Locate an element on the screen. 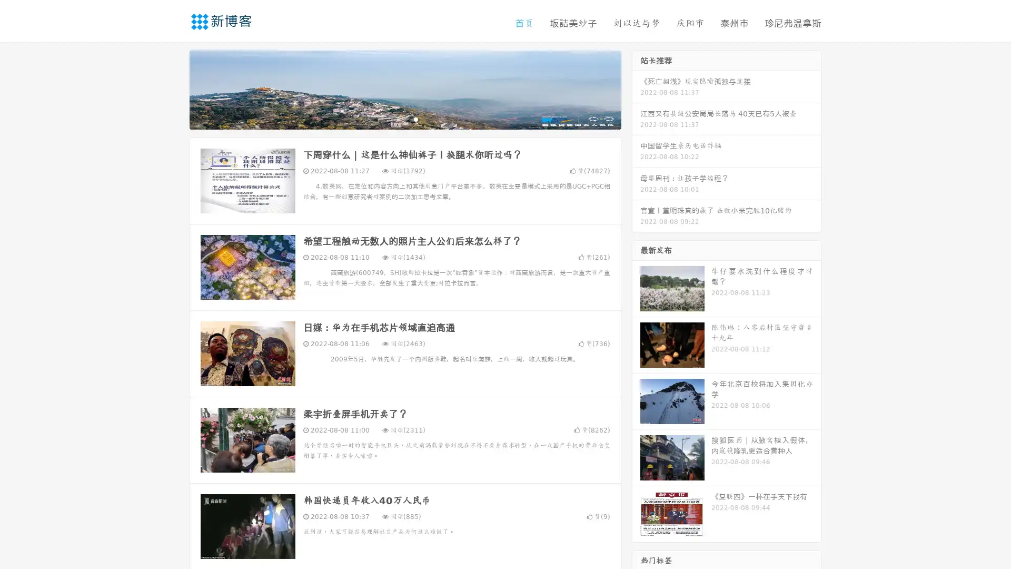 Image resolution: width=1011 pixels, height=569 pixels. Go to slide 3 is located at coordinates (415, 119).